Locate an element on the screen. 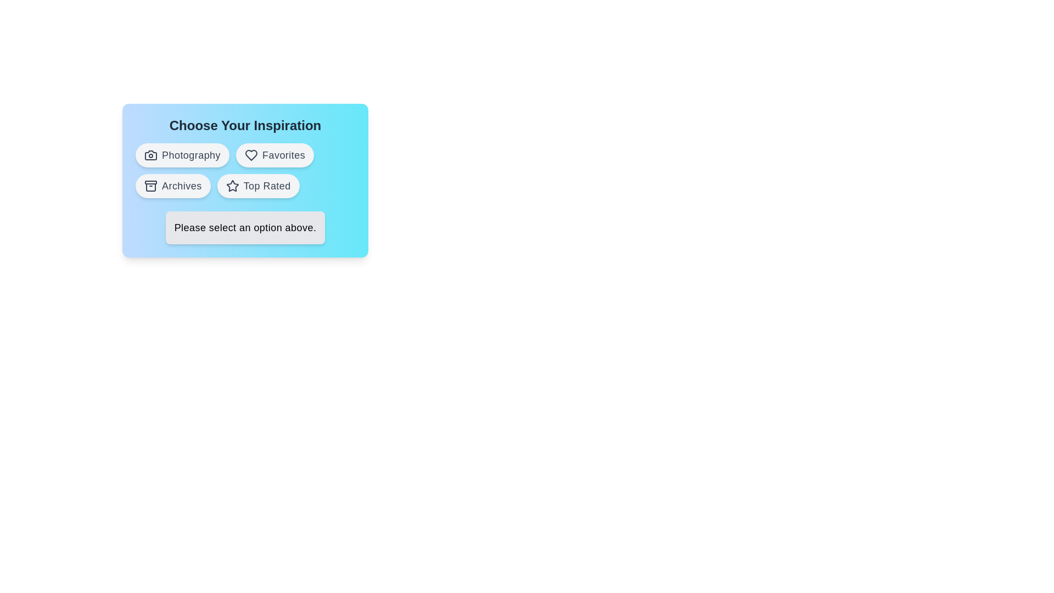 The image size is (1054, 593). the 'Favorites' label is located at coordinates (284, 155).